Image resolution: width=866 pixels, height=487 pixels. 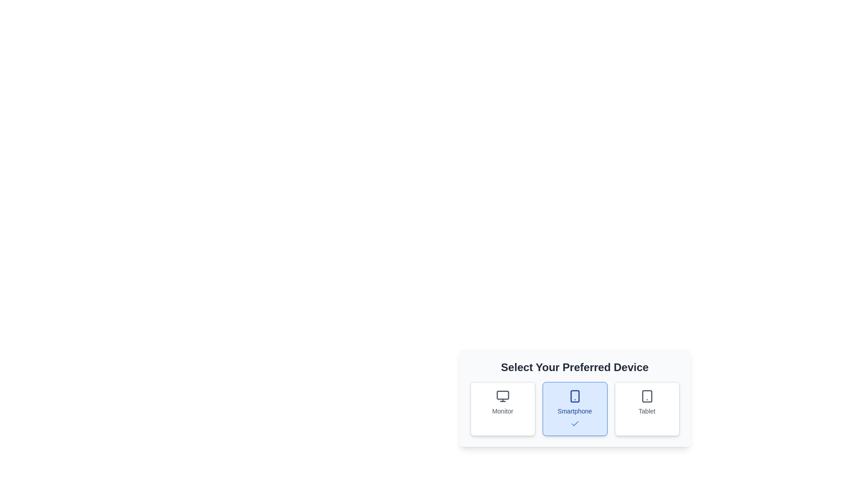 I want to click on the graphical icon representing the tablet device type, which is a rectangular area containing a rounded tablet icon with a home button, located in the bottom panel of device options, so click(x=646, y=396).